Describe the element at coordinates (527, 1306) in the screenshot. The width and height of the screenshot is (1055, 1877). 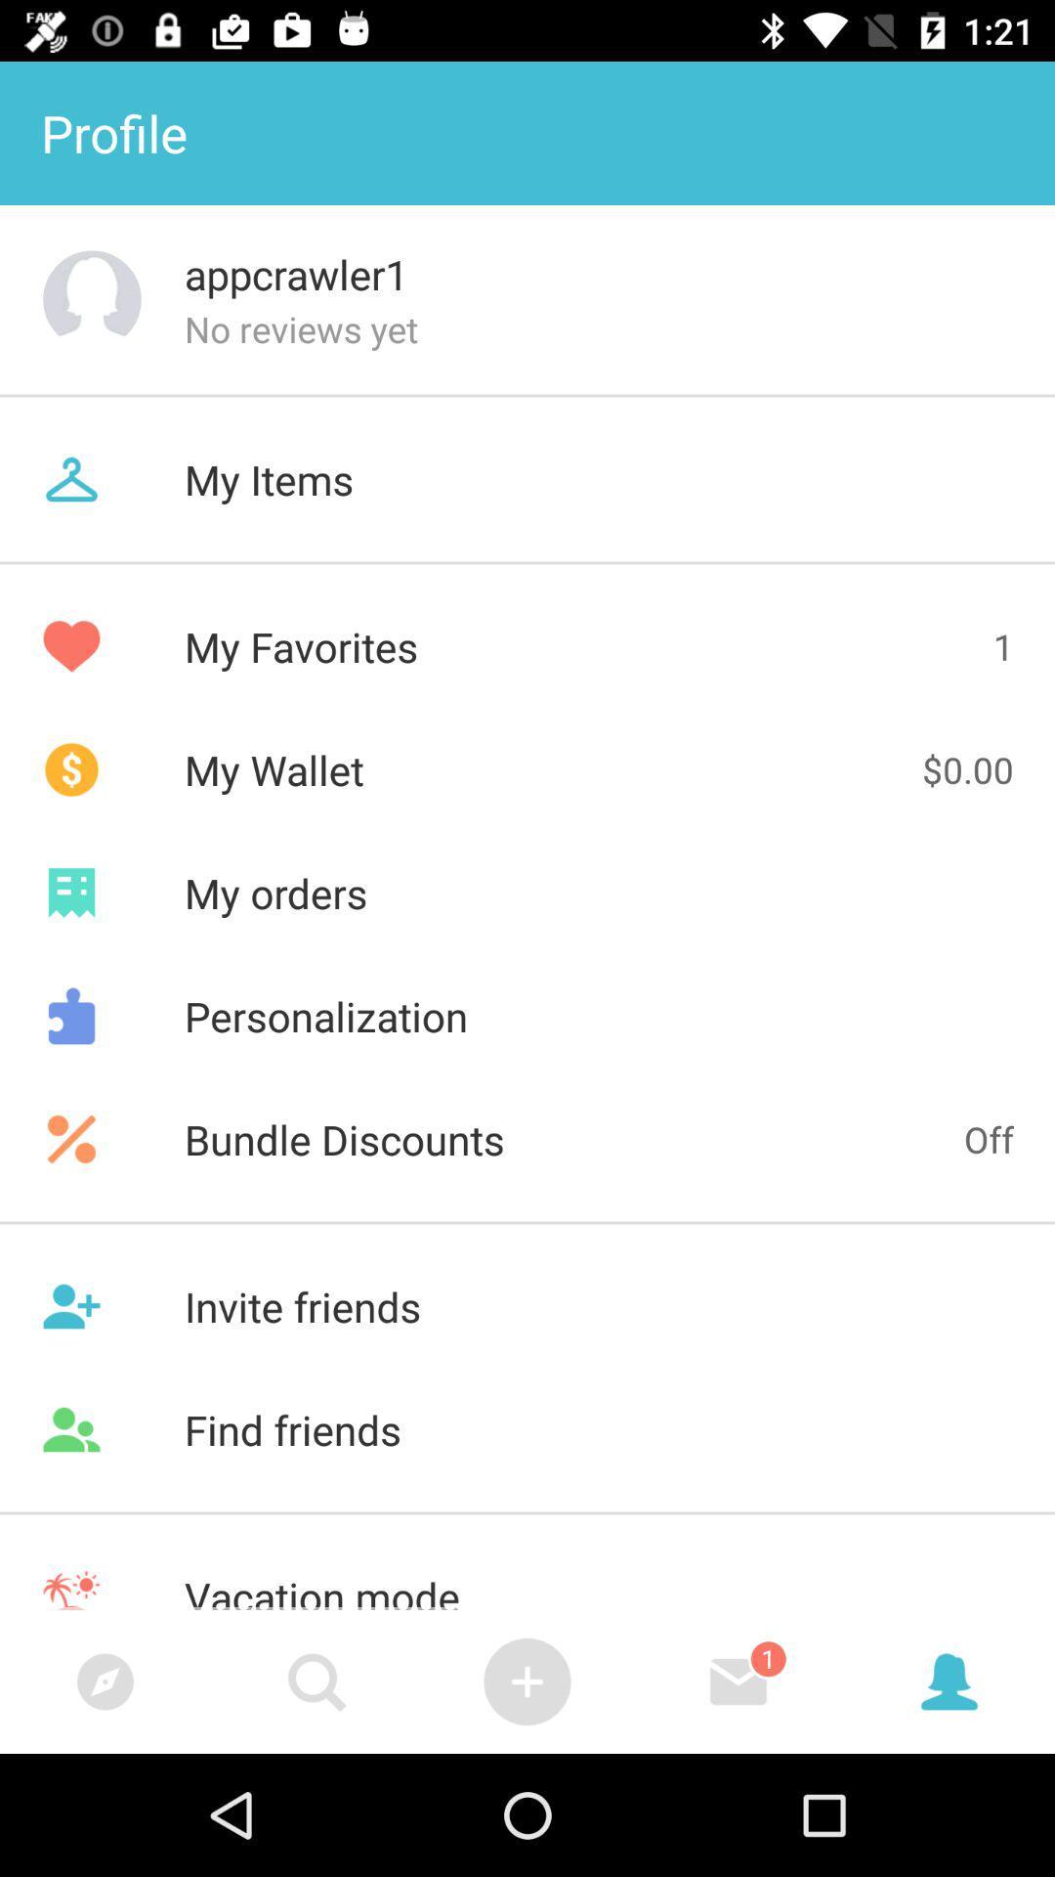
I see `item above find friends icon` at that location.